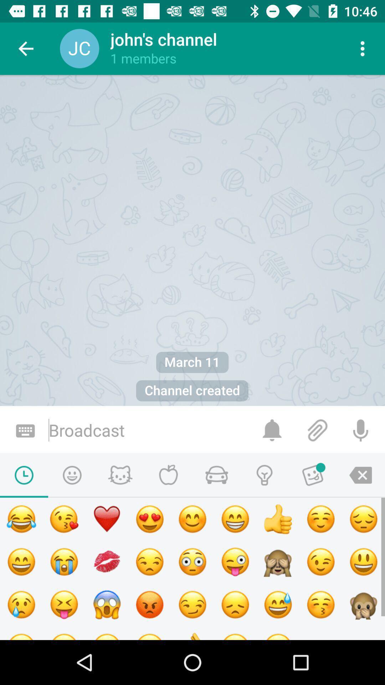 This screenshot has height=685, width=385. Describe the element at coordinates (235, 519) in the screenshot. I see `the emoji icon` at that location.